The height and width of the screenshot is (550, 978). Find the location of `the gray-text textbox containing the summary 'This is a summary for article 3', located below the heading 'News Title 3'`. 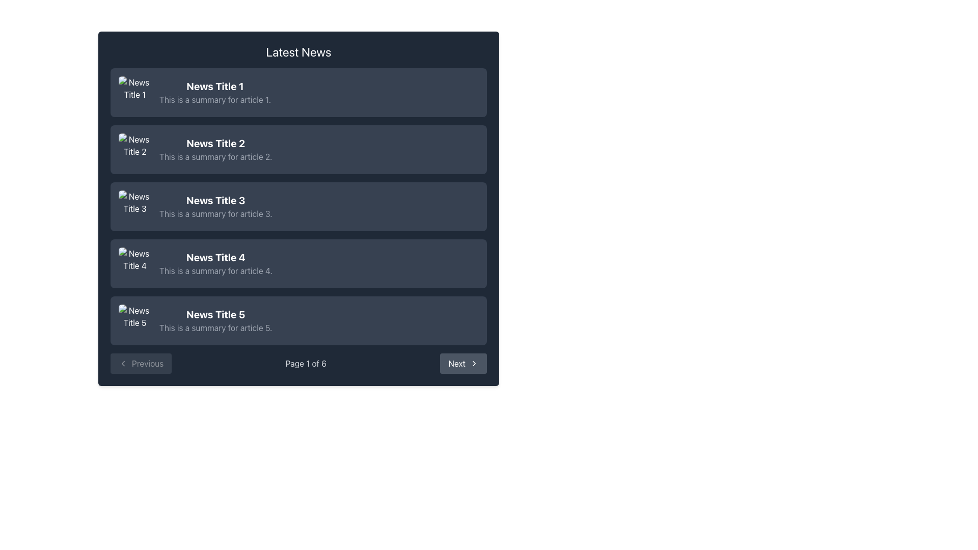

the gray-text textbox containing the summary 'This is a summary for article 3', located below the heading 'News Title 3' is located at coordinates (215, 213).